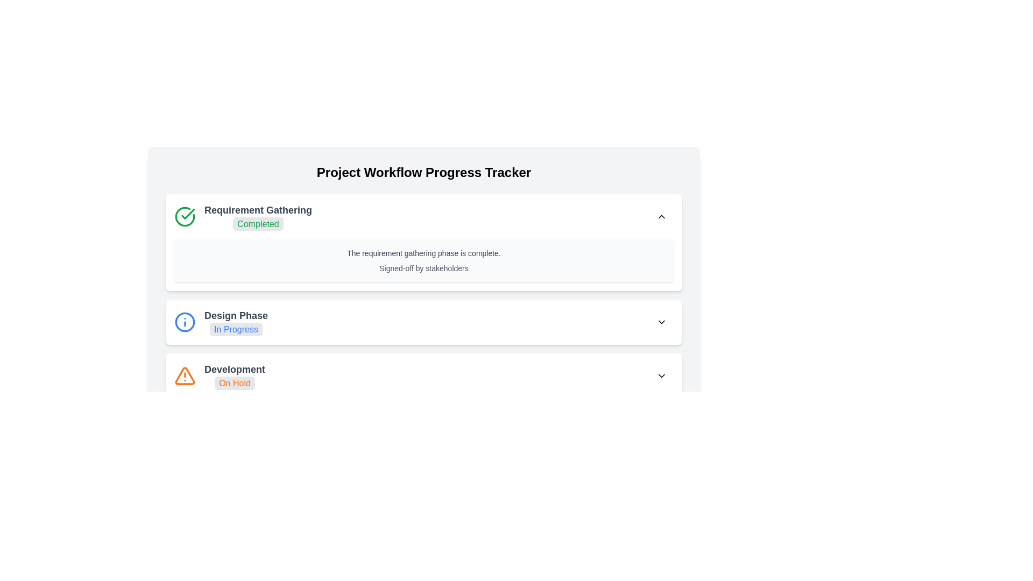 This screenshot has height=581, width=1033. I want to click on the heading label text located in the third section of the workflow tracker interface, positioned to the right of the yellow warning icon and above the 'On Hold' label, so click(234, 369).